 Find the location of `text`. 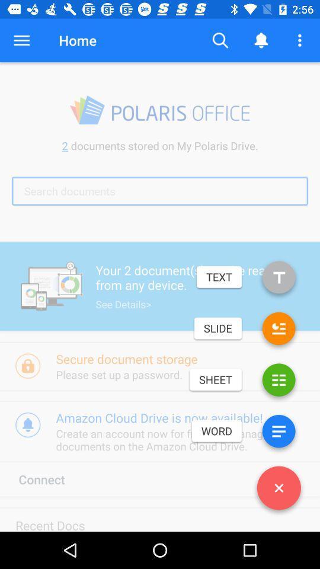

text is located at coordinates (279, 279).